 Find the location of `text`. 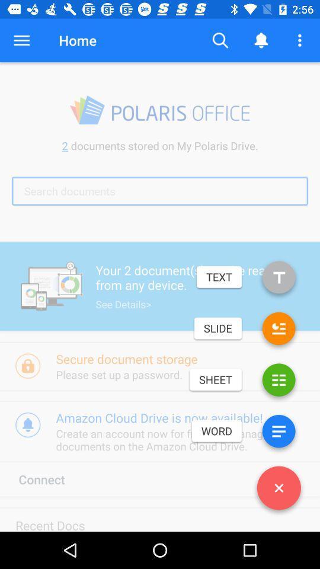

text is located at coordinates (279, 279).